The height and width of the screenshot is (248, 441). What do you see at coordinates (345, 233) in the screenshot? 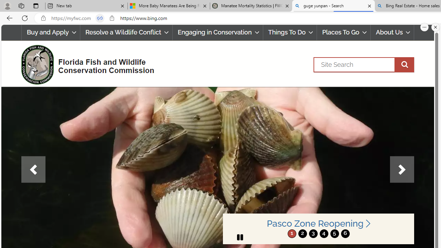
I see `'move to slide 6'` at bounding box center [345, 233].